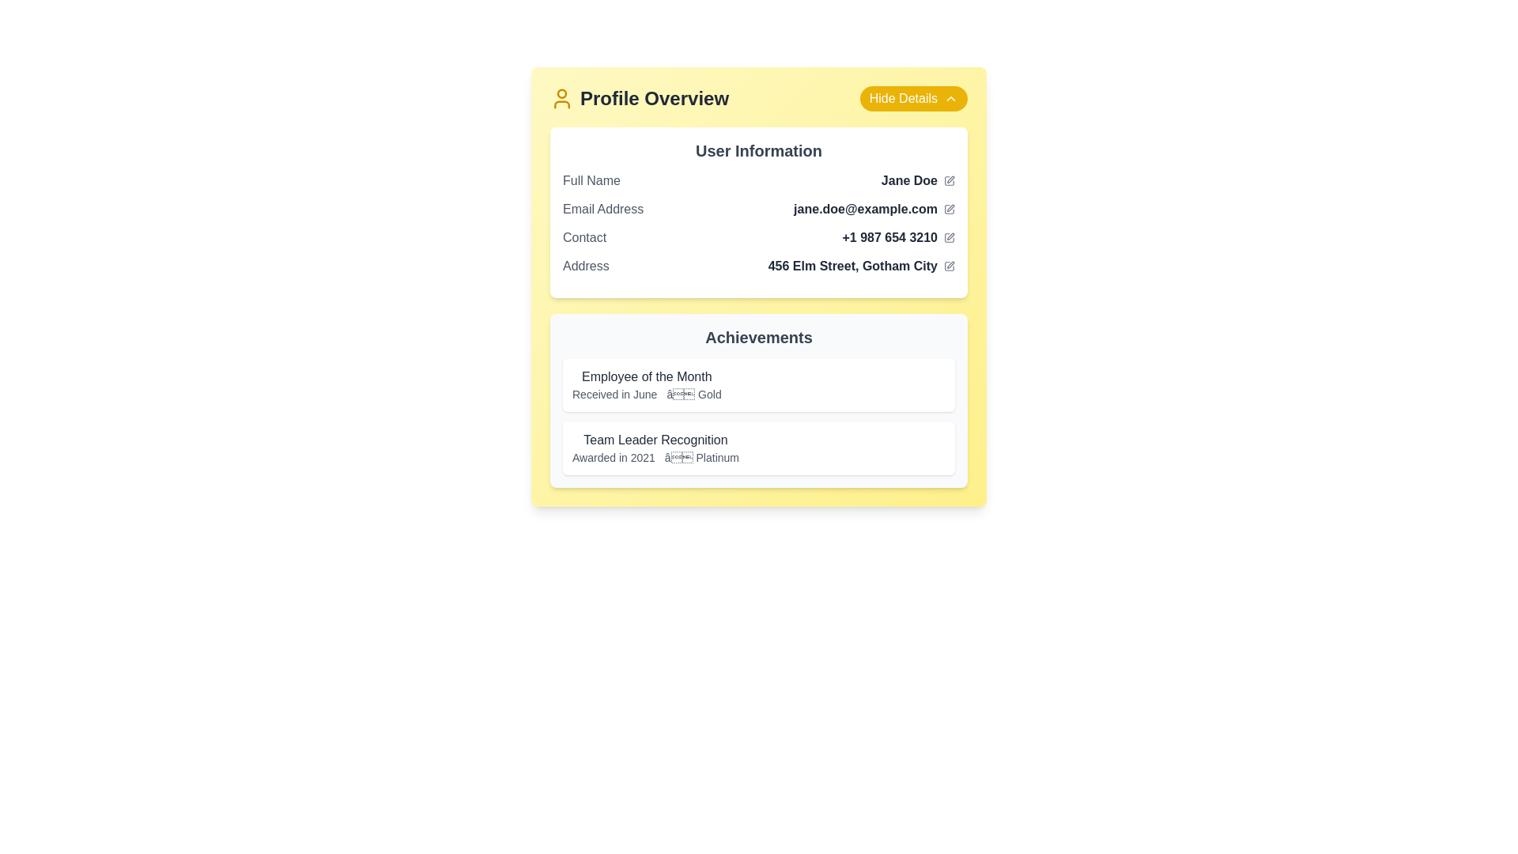  What do you see at coordinates (759, 448) in the screenshot?
I see `the Informational card labeled 'Team Leader Recognition' which is located in the 'Achievements' section, directly below 'Employee of the Month'` at bounding box center [759, 448].